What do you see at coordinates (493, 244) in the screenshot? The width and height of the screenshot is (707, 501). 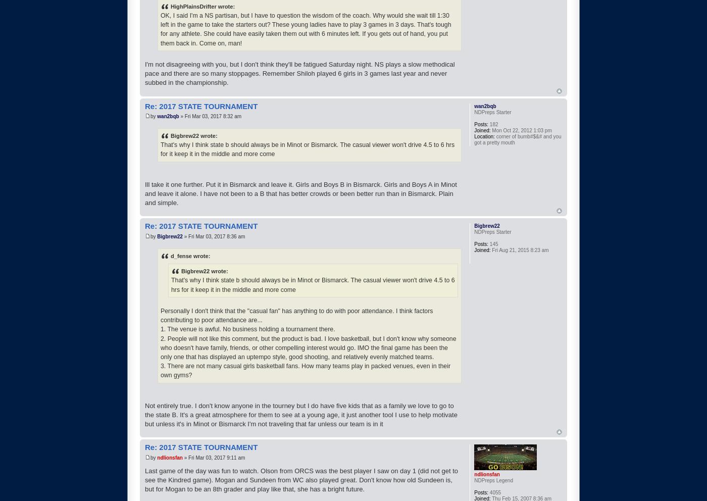 I see `'145'` at bounding box center [493, 244].